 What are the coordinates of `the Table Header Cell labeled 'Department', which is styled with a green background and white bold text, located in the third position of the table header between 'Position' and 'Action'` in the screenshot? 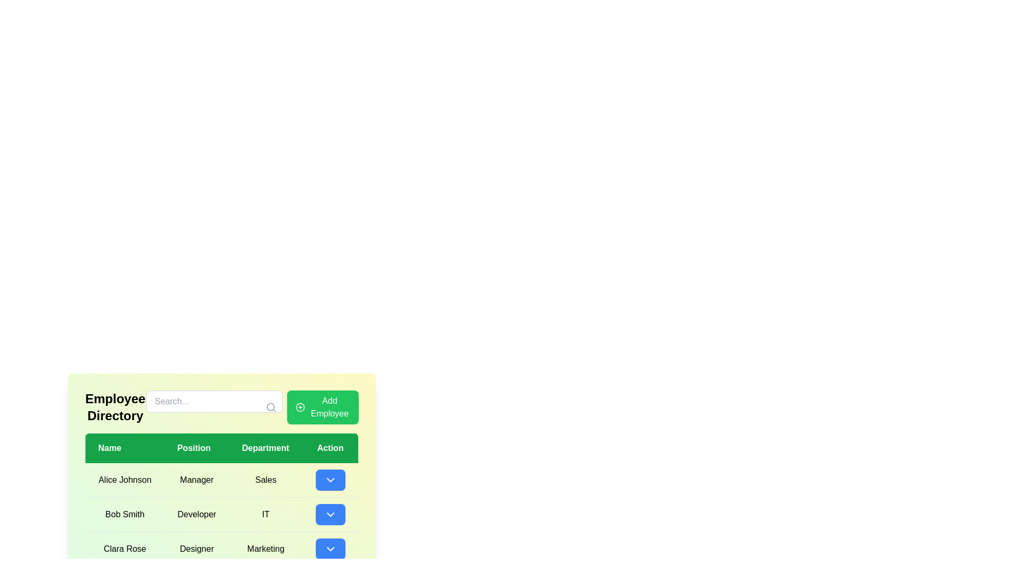 It's located at (265, 448).